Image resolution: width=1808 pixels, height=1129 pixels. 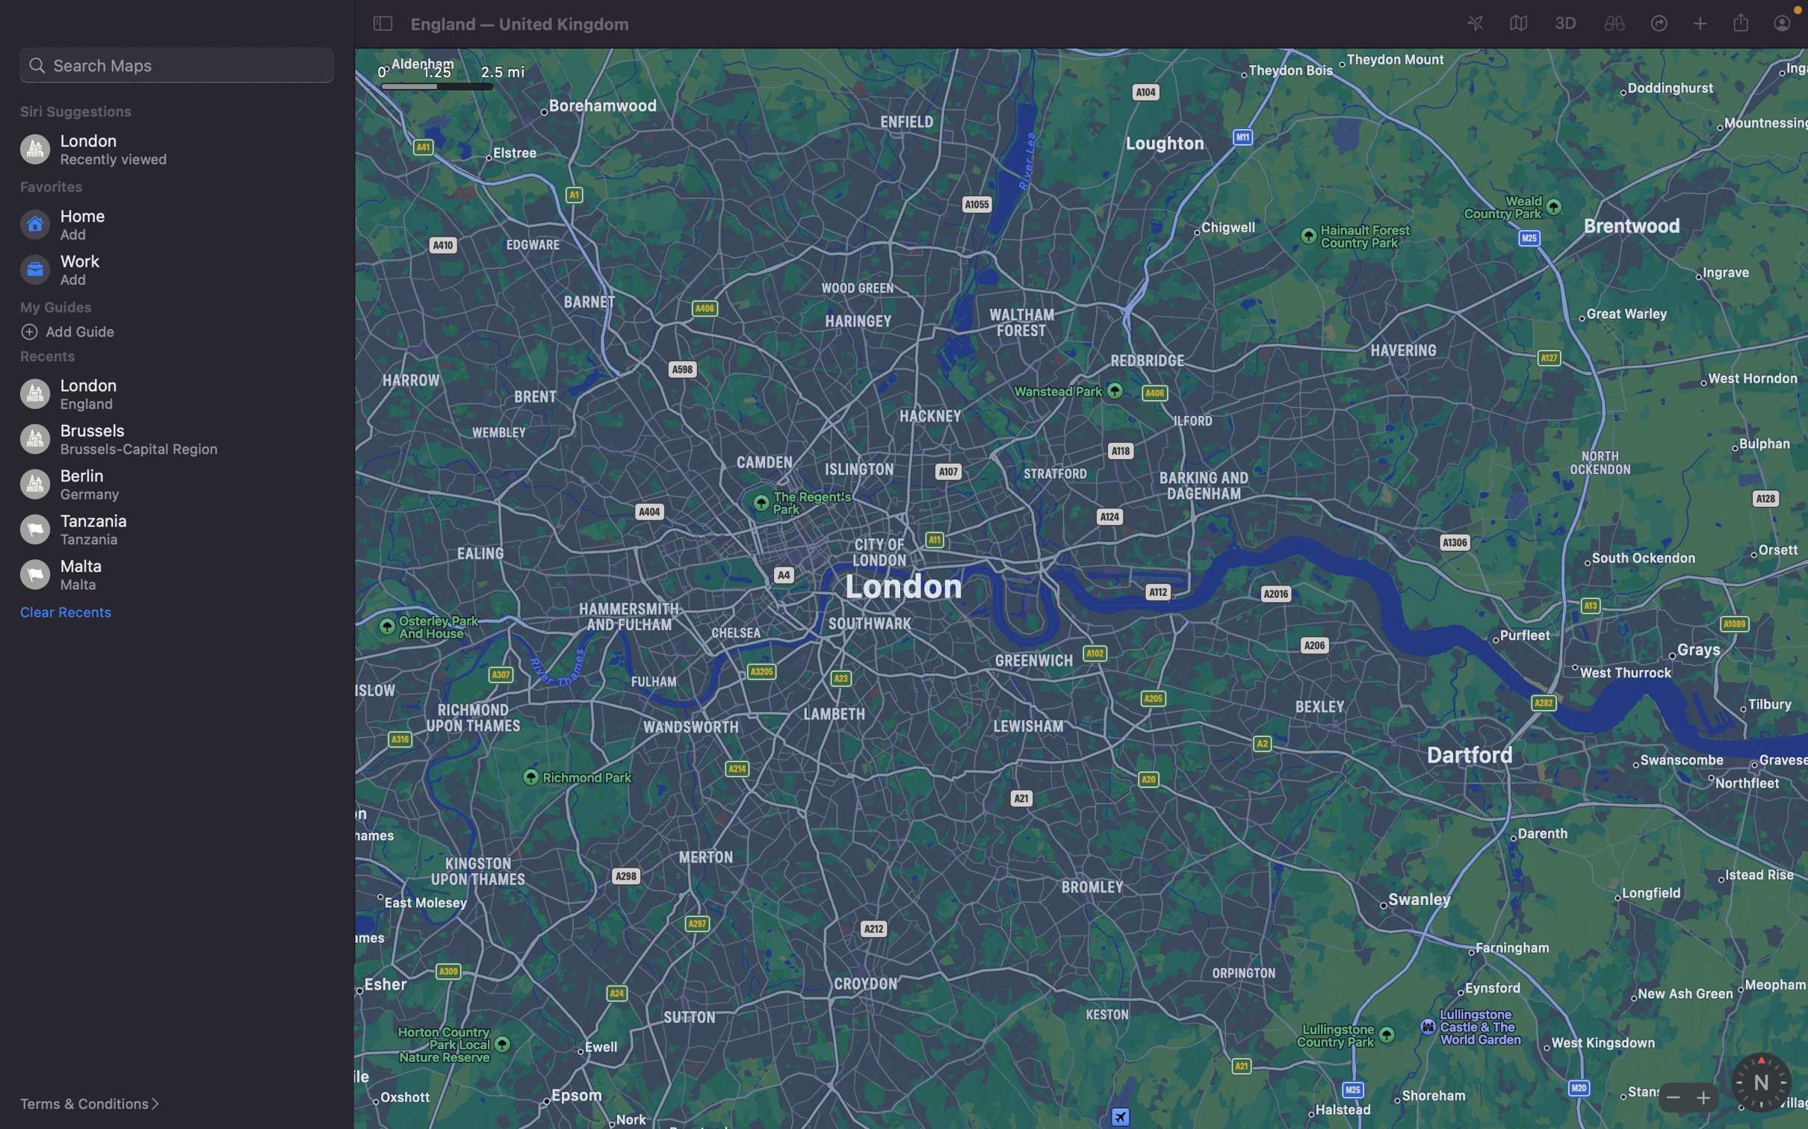 What do you see at coordinates (1614, 24) in the screenshot?
I see `the present location on the map` at bounding box center [1614, 24].